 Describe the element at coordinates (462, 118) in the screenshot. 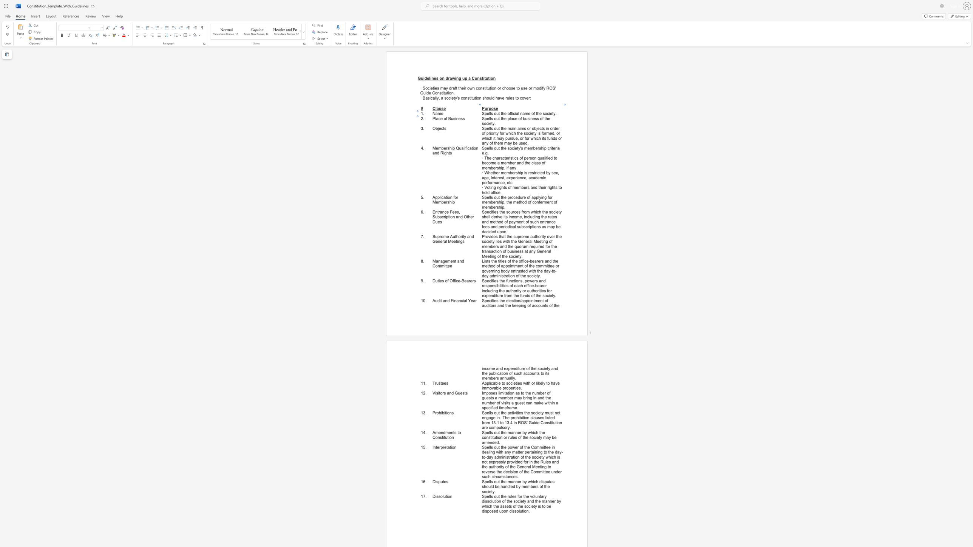

I see `the 2th character "s" in the text` at that location.